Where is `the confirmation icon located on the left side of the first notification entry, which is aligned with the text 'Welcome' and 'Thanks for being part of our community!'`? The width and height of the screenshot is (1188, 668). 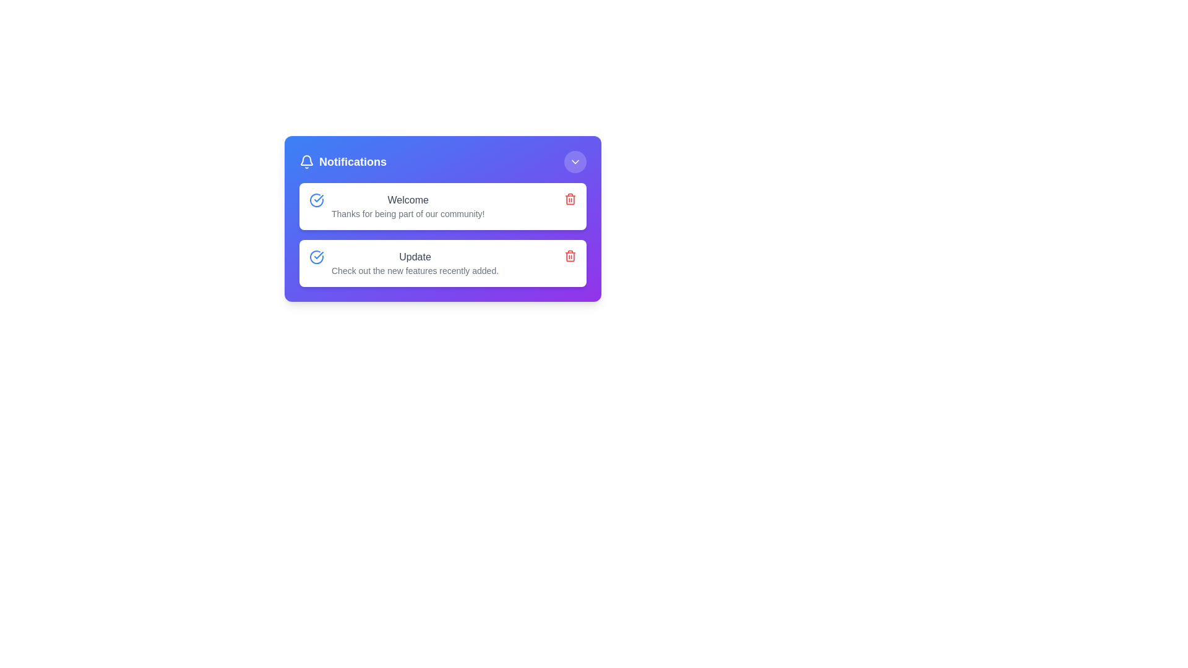 the confirmation icon located on the left side of the first notification entry, which is aligned with the text 'Welcome' and 'Thanks for being part of our community!' is located at coordinates (317, 200).